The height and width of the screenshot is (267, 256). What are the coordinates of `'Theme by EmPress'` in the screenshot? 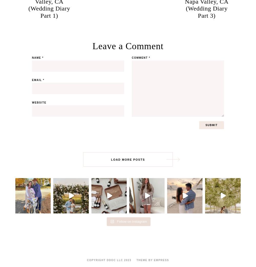 It's located at (152, 260).